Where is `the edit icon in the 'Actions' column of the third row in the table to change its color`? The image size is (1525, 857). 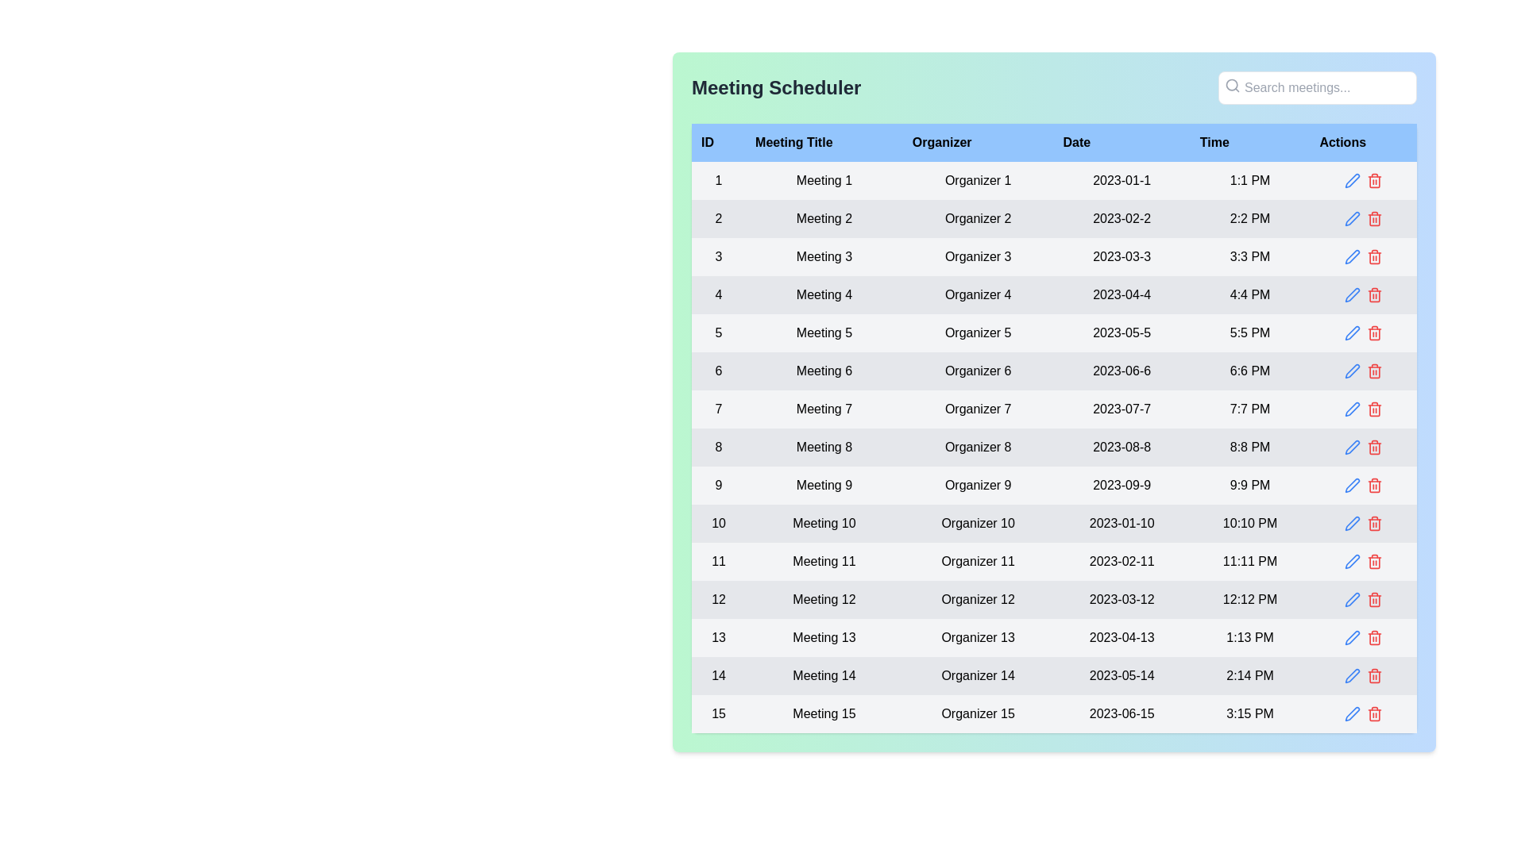 the edit icon in the 'Actions' column of the third row in the table to change its color is located at coordinates (1351, 256).